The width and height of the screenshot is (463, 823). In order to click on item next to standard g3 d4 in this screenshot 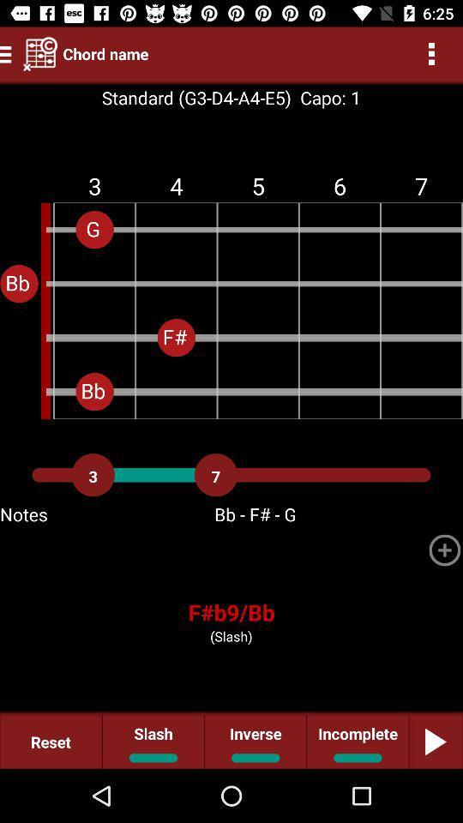, I will do `click(326, 98)`.